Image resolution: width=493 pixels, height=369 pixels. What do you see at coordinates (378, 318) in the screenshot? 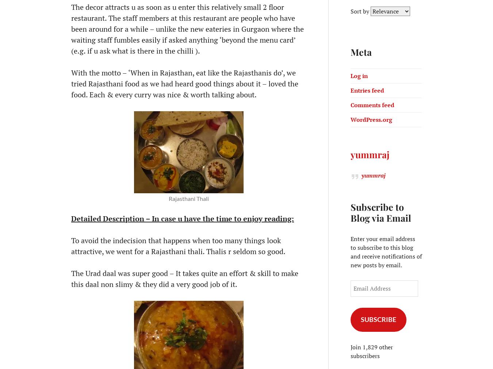
I see `'Subscribe'` at bounding box center [378, 318].